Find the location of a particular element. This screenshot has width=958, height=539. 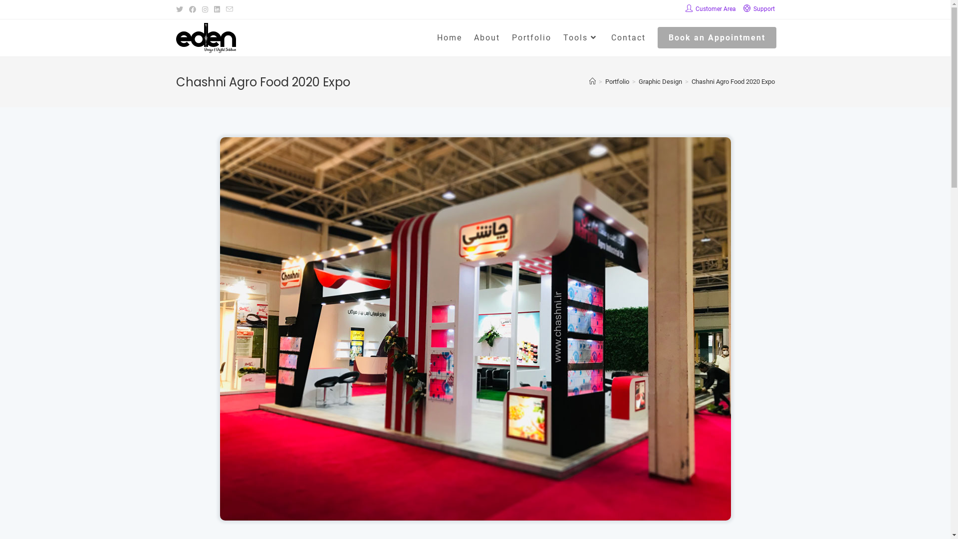

'Letterhead Print' is located at coordinates (699, 355).